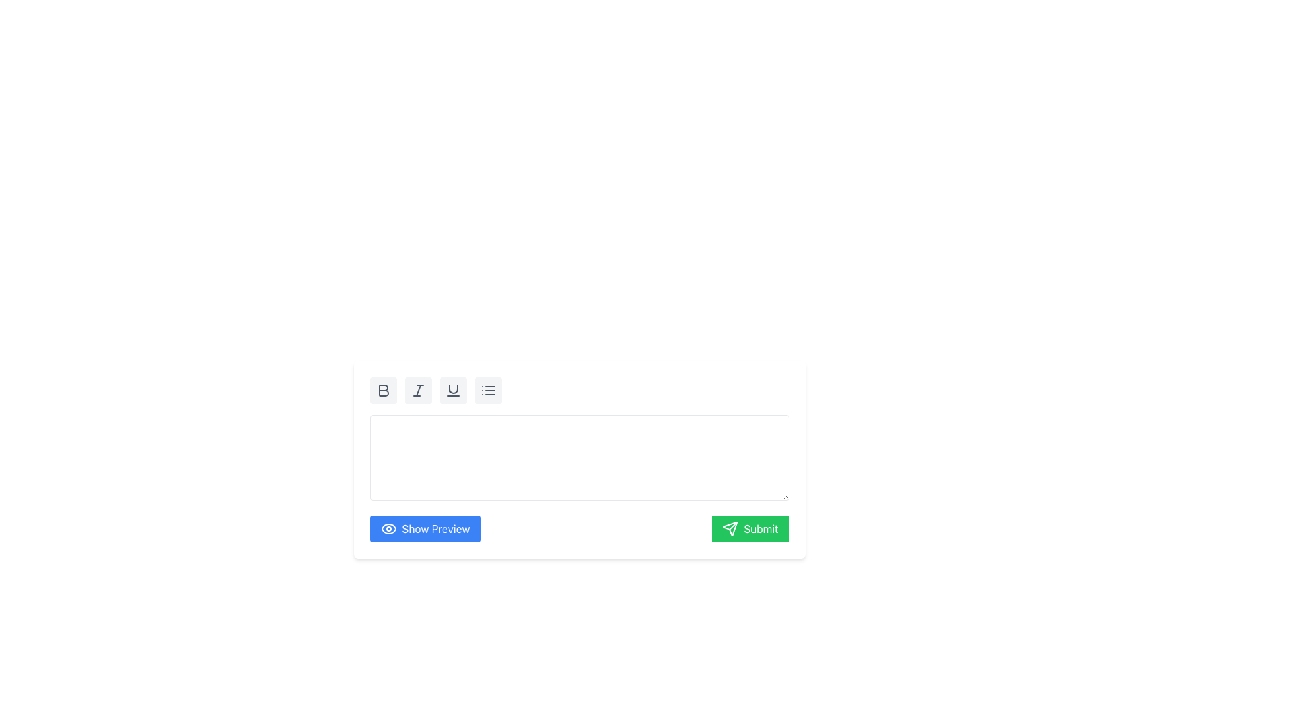 Image resolution: width=1290 pixels, height=725 pixels. What do you see at coordinates (453, 391) in the screenshot?
I see `the underline button, which is the fourth button in the horizontal formatting toolbar, to apply underline styling` at bounding box center [453, 391].